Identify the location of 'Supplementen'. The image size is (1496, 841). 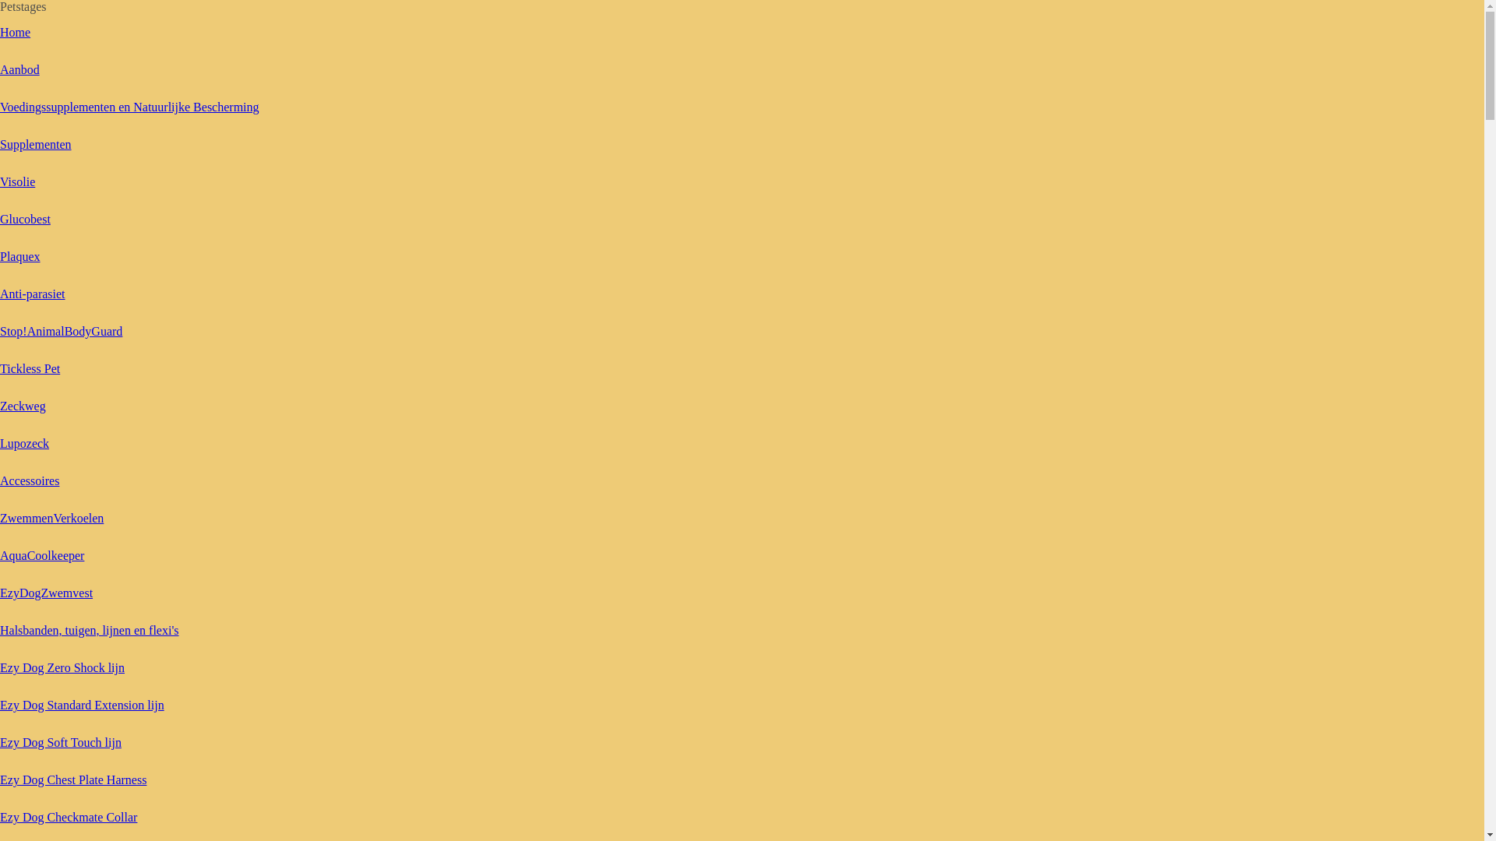
(0, 144).